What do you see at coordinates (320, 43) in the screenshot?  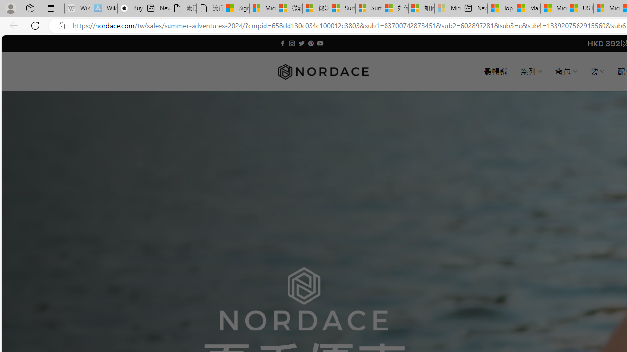 I see `'Follow on YouTube'` at bounding box center [320, 43].